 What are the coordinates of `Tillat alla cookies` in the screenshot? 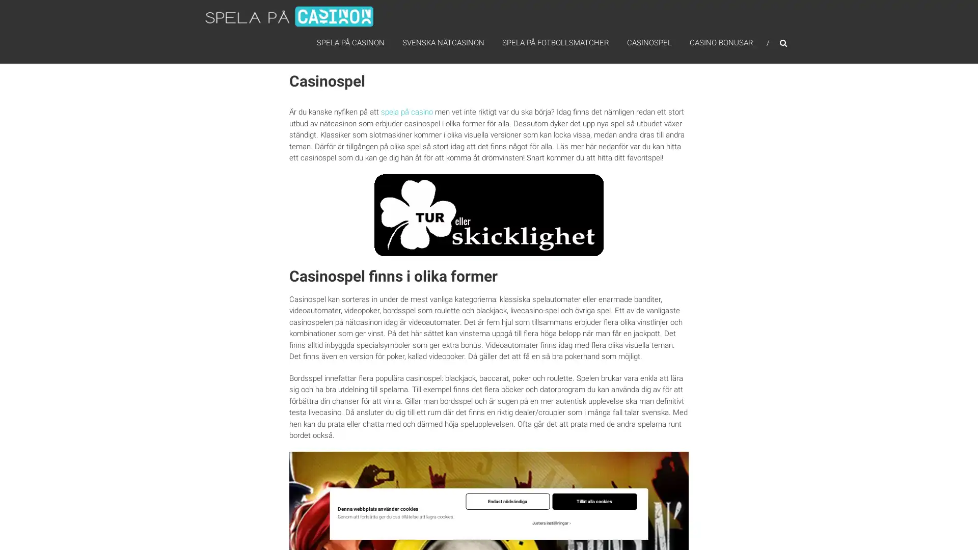 It's located at (594, 501).